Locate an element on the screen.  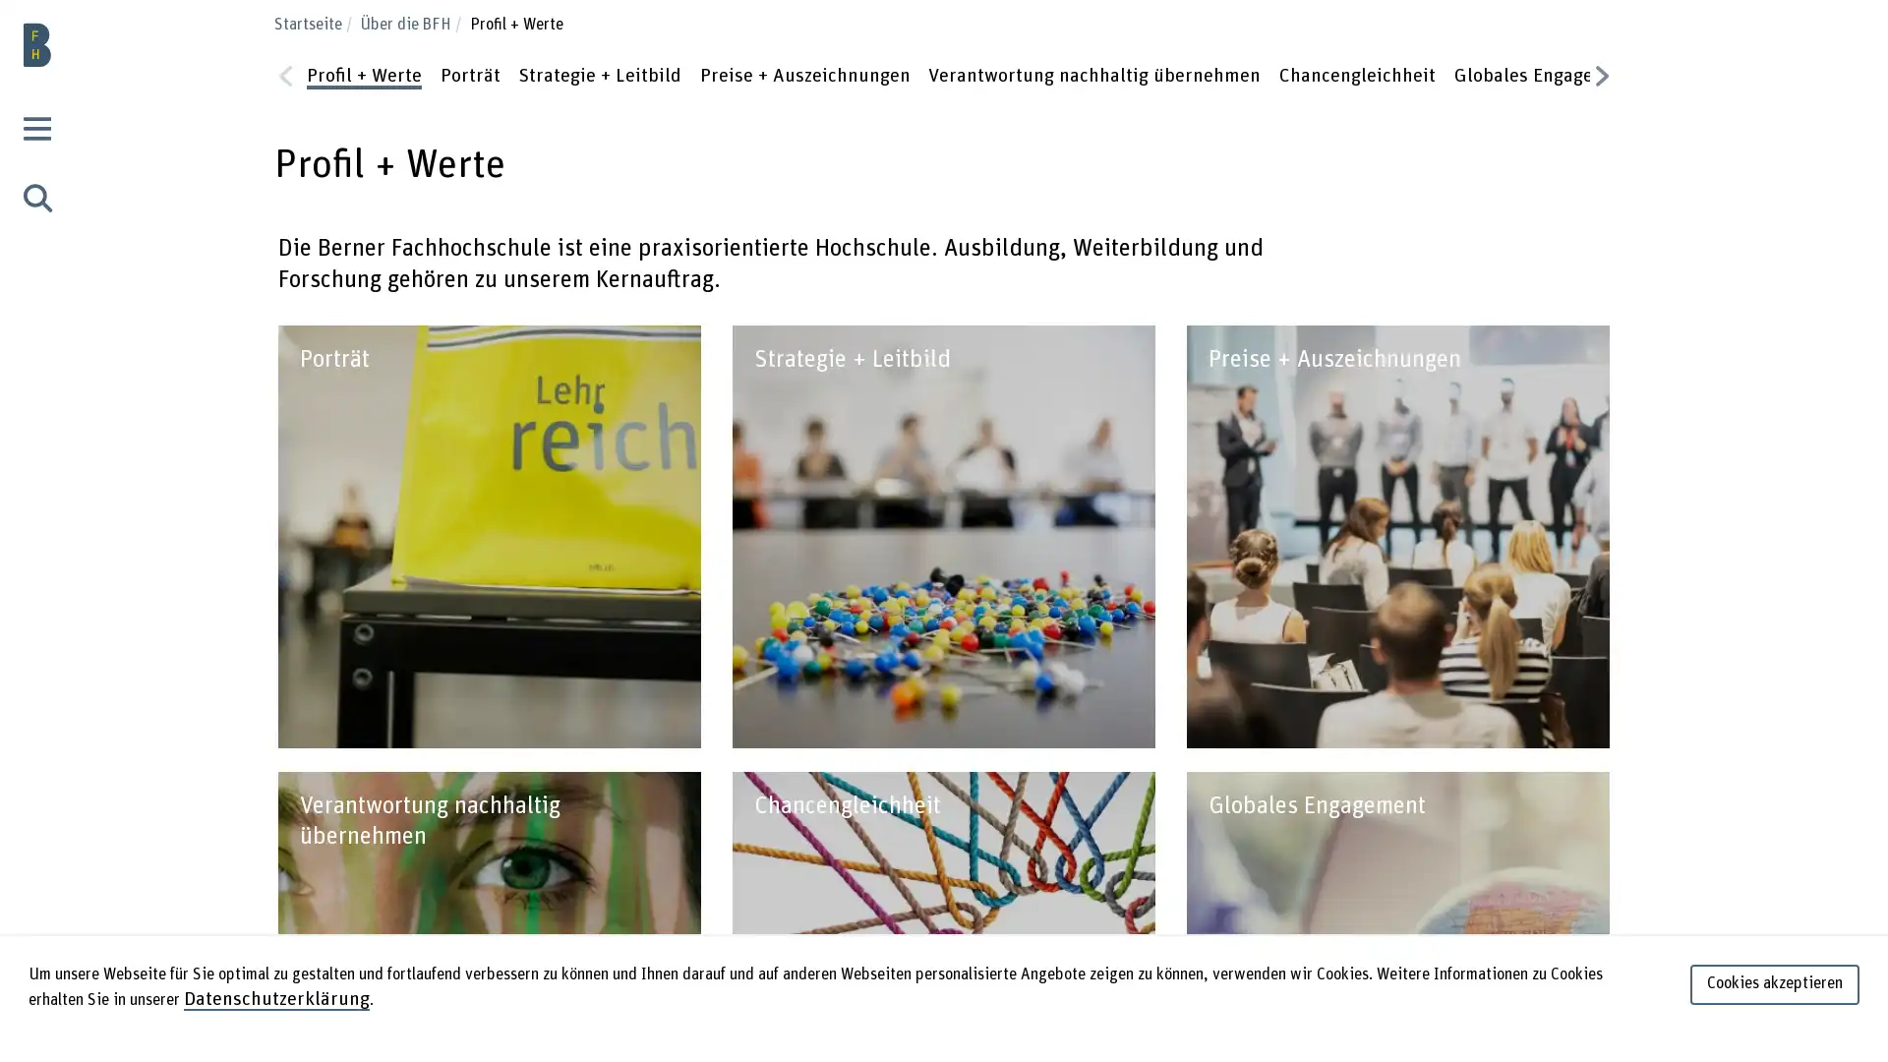
Cookies akzeptieren is located at coordinates (1774, 988).